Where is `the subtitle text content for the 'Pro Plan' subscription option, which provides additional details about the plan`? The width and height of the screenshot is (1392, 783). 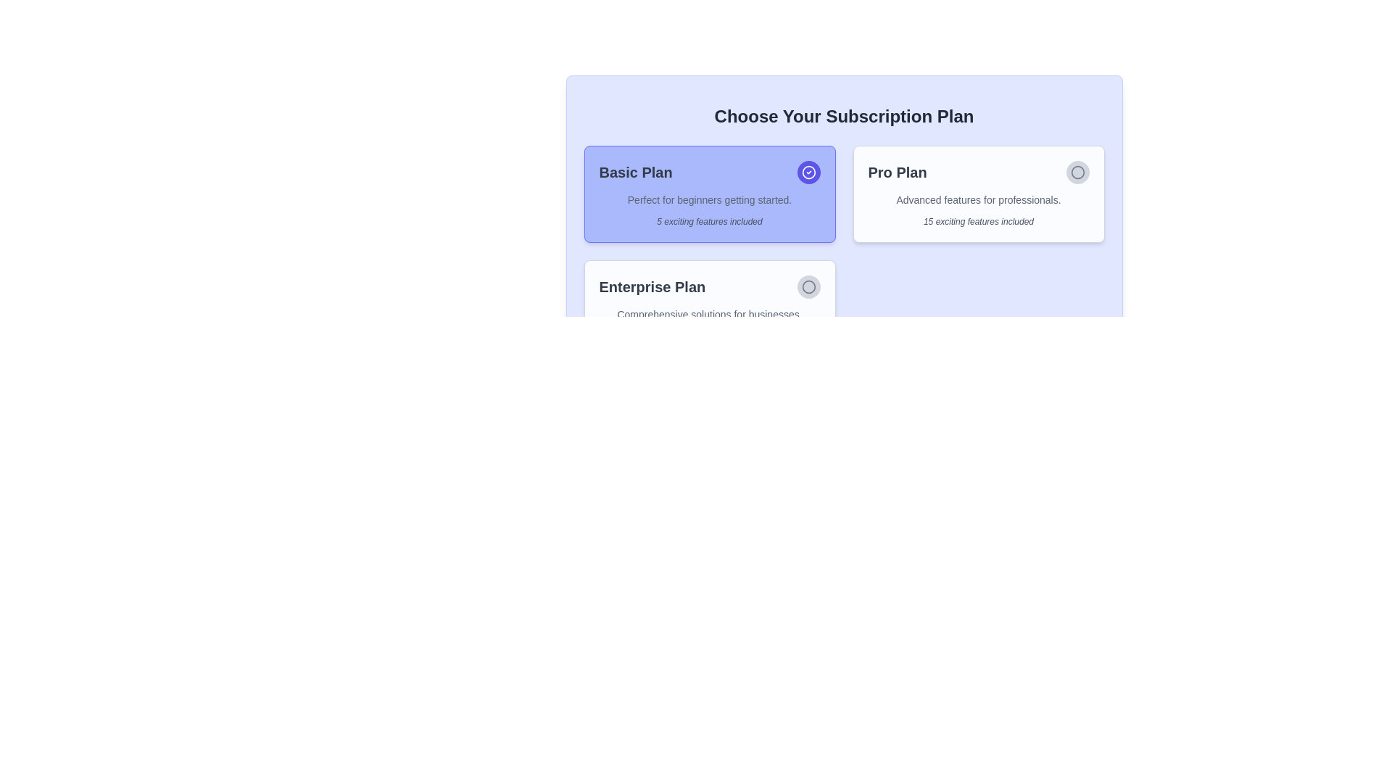
the subtitle text content for the 'Pro Plan' subscription option, which provides additional details about the plan is located at coordinates (978, 200).